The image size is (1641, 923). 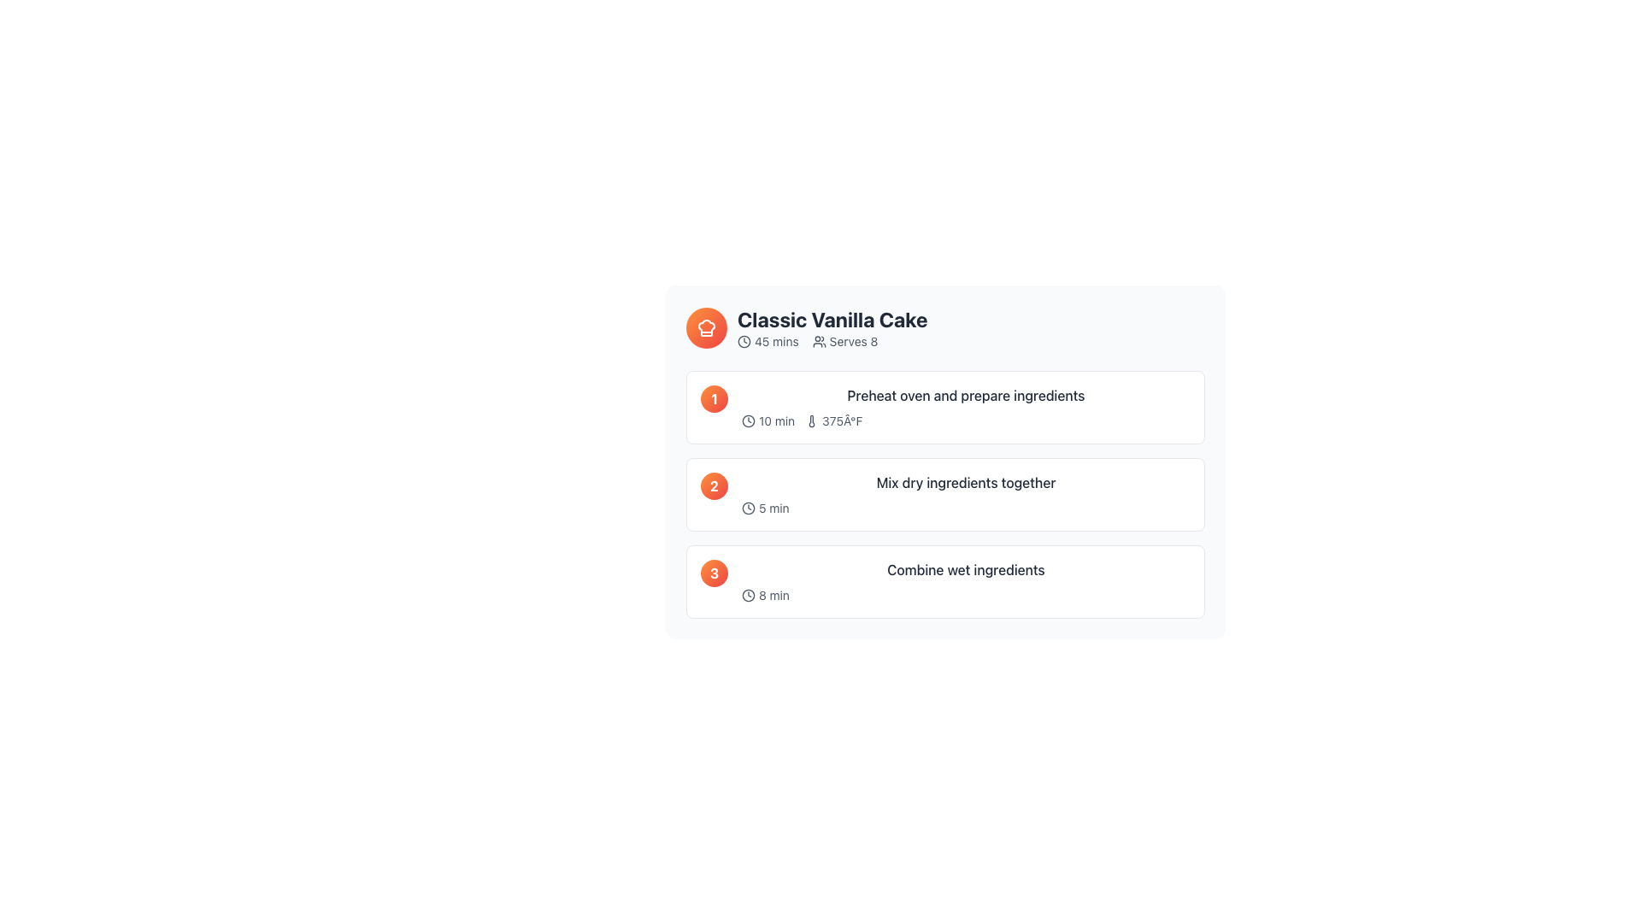 What do you see at coordinates (833, 421) in the screenshot?
I see `the temperature display '375°F' next to the thermometer icon to associate it with the relevant recipe step` at bounding box center [833, 421].